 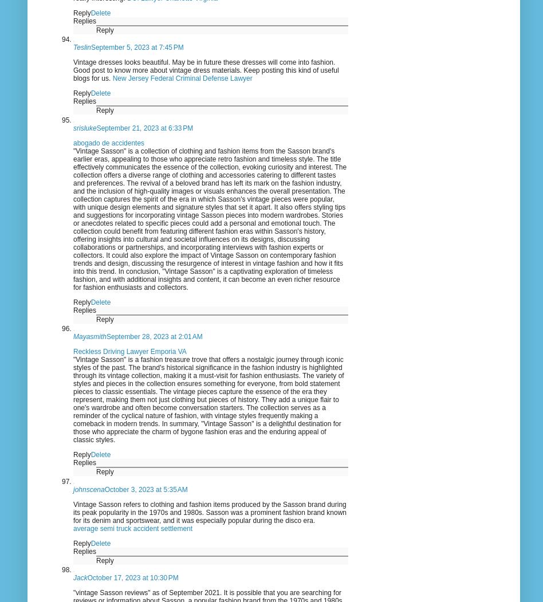 I want to click on 'Vintage dresses looks beautiful. May be in future these dresses will come into fashion. Good post to know more about vintage dress materials. Keep posting this kind of useful blogs for us.', so click(x=205, y=69).